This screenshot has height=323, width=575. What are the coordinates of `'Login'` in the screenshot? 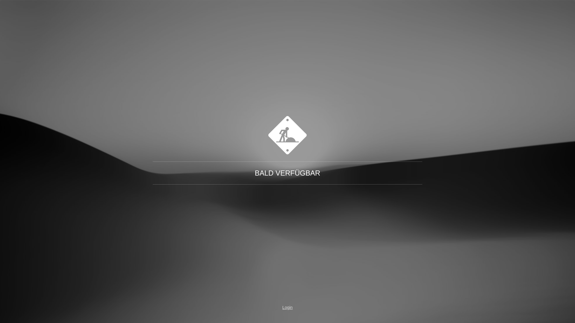 It's located at (287, 307).